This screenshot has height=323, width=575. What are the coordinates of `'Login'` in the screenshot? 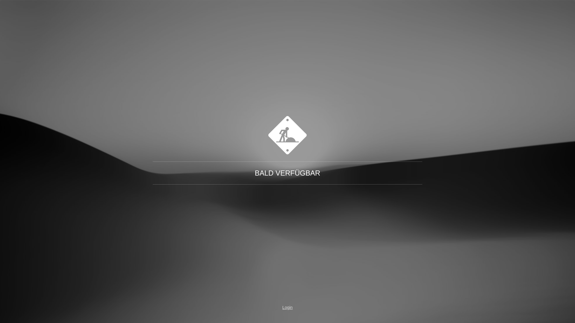 It's located at (287, 307).